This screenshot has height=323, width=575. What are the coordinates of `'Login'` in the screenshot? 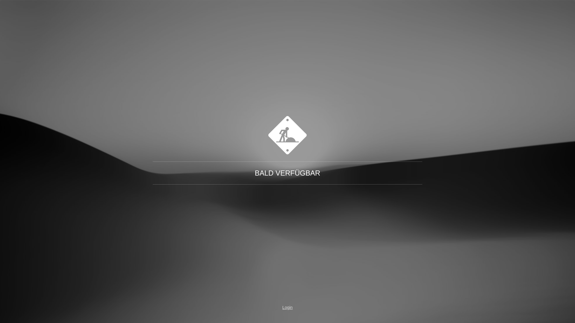 It's located at (287, 307).